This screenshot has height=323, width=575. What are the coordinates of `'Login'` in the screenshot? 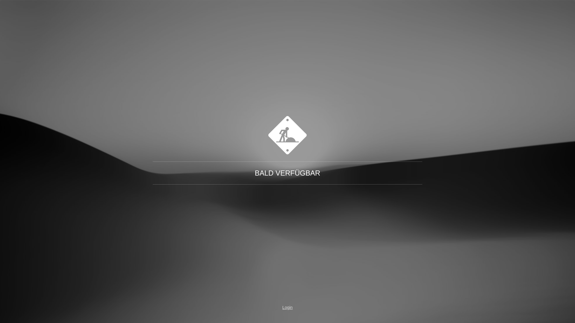 It's located at (287, 307).